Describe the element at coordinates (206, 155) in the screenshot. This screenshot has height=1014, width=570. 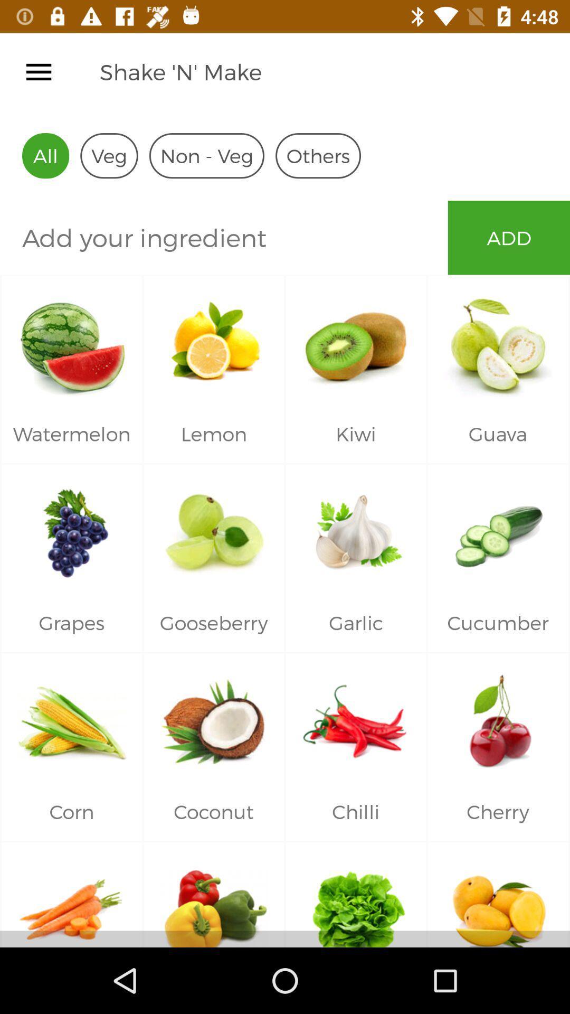
I see `the icon next to the veg item` at that location.